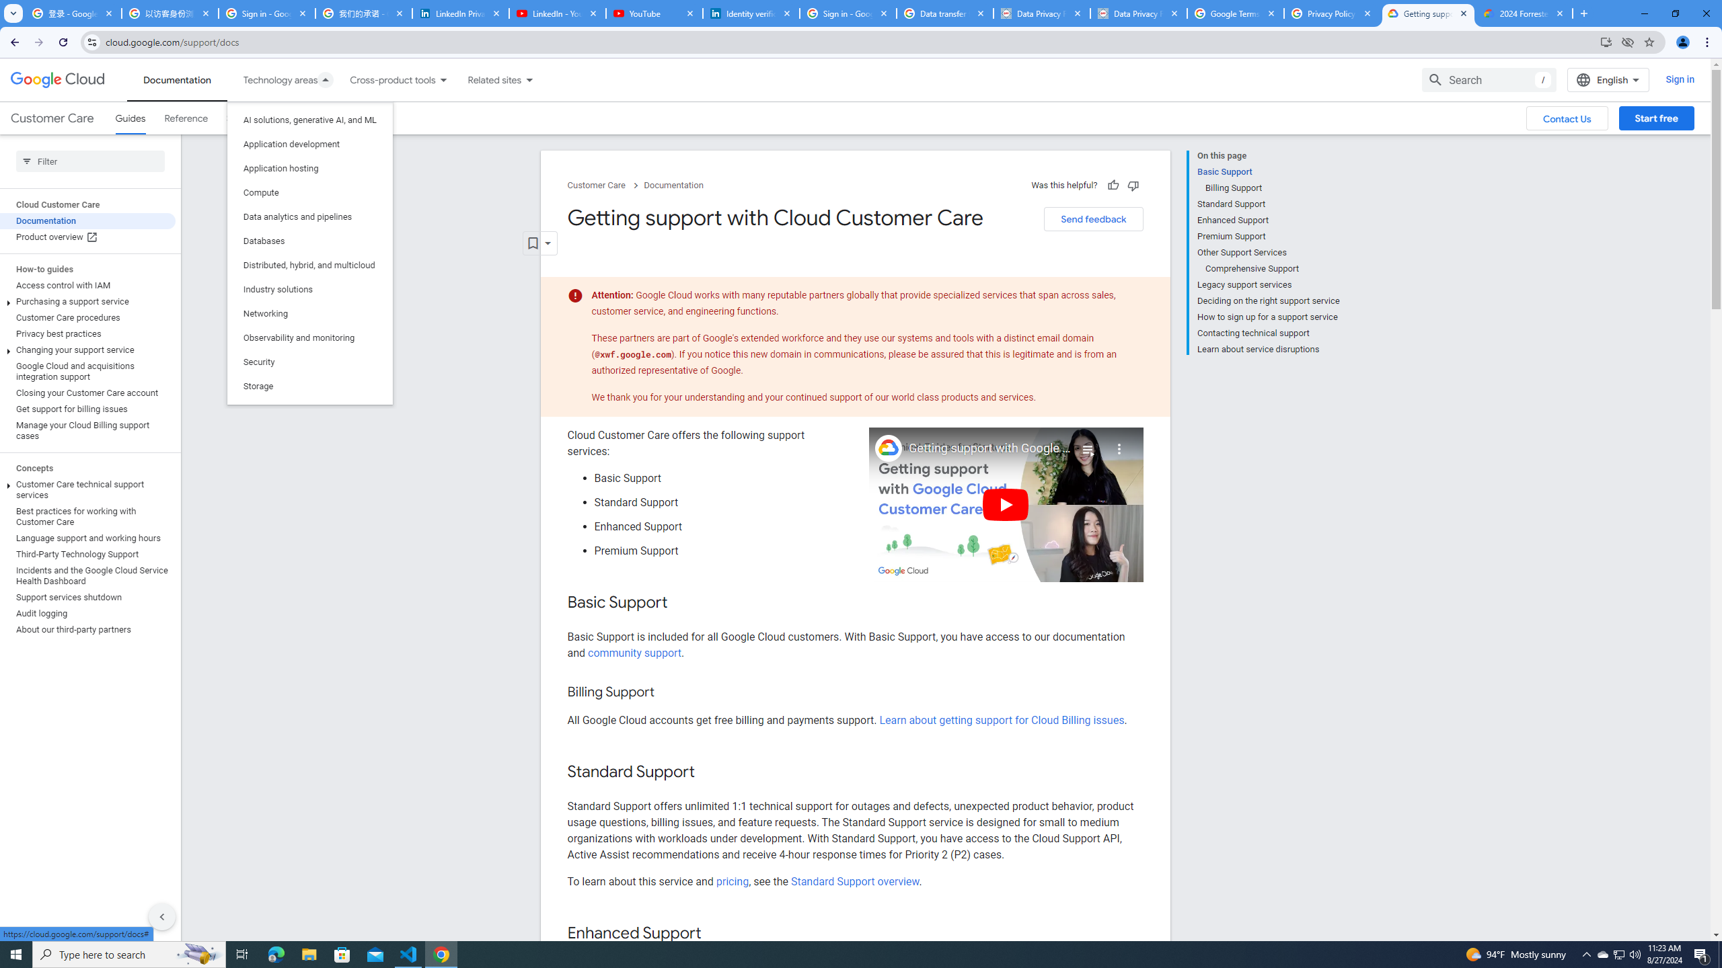  Describe the element at coordinates (161, 916) in the screenshot. I see `'Hide side navigation'` at that location.